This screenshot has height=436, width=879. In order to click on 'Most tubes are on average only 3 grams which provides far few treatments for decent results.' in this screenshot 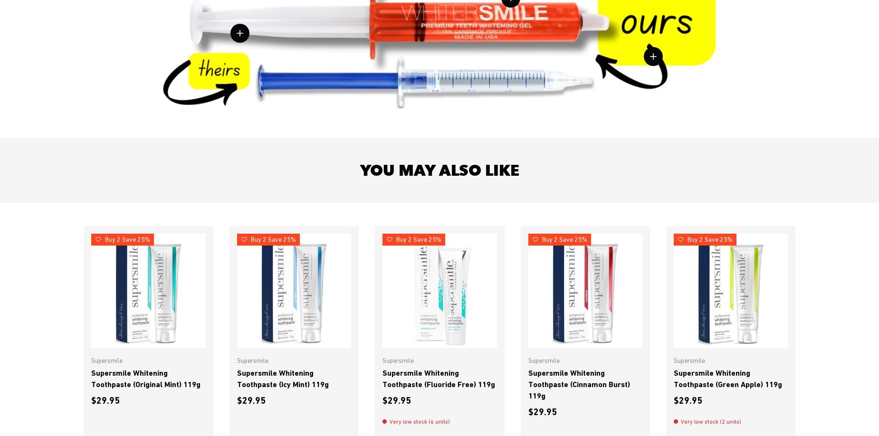, I will do `click(237, 95)`.